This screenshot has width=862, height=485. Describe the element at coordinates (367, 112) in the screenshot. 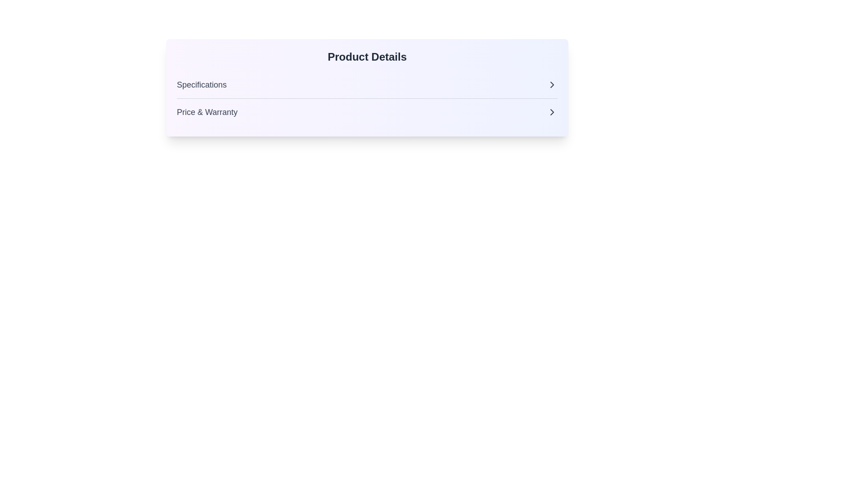

I see `the 'Price & Warranty' navigation link, which is the second item in the 'Product Details' section` at that location.